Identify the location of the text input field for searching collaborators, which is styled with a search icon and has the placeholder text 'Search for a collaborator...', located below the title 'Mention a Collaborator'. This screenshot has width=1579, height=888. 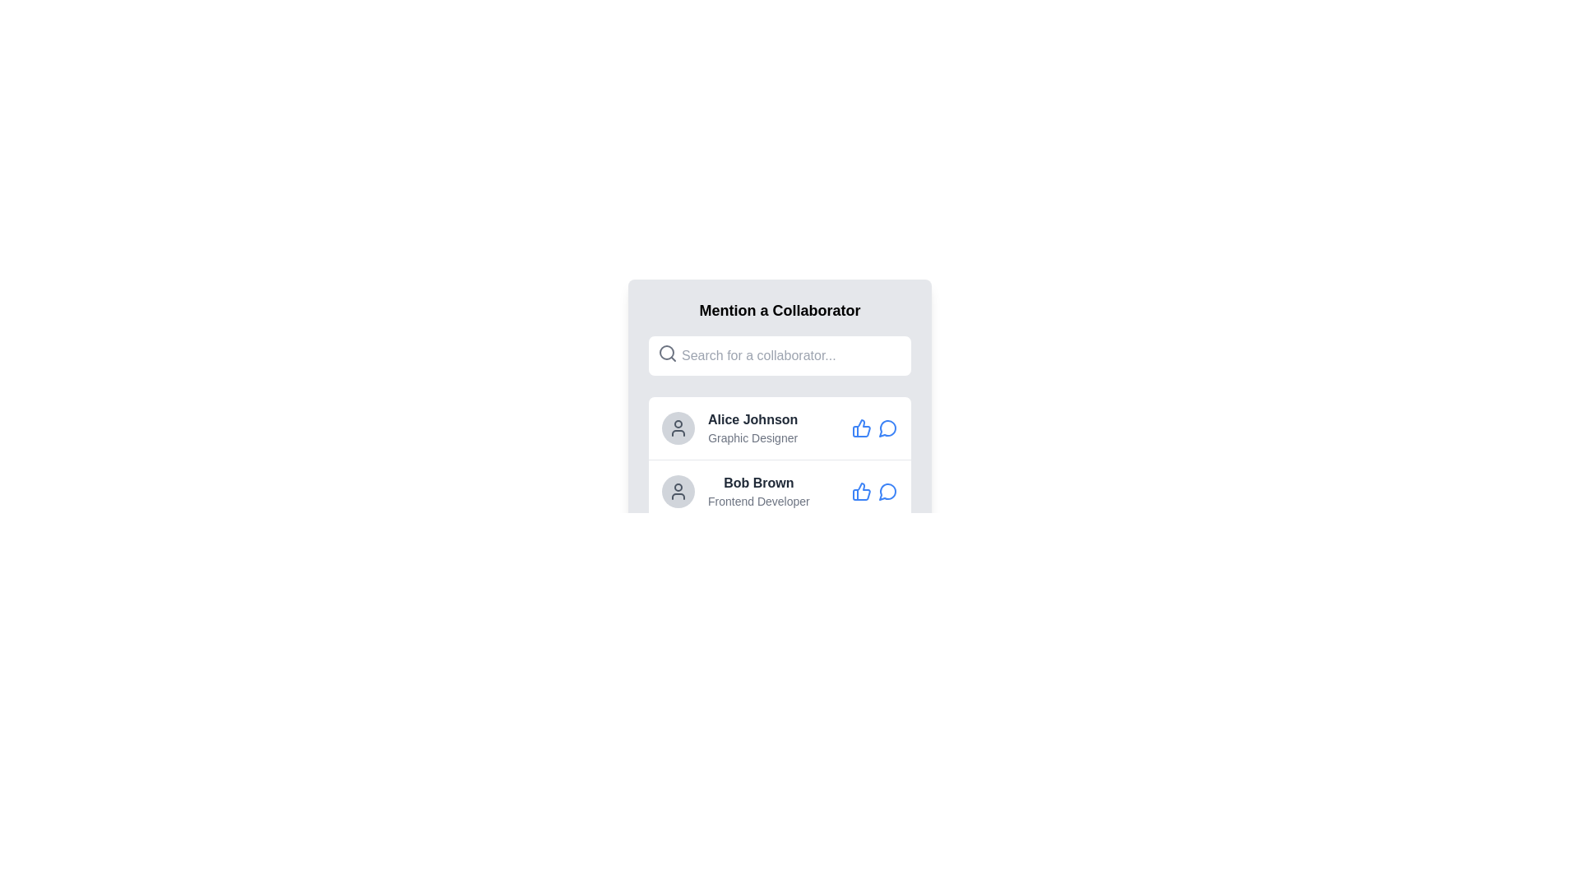
(779, 354).